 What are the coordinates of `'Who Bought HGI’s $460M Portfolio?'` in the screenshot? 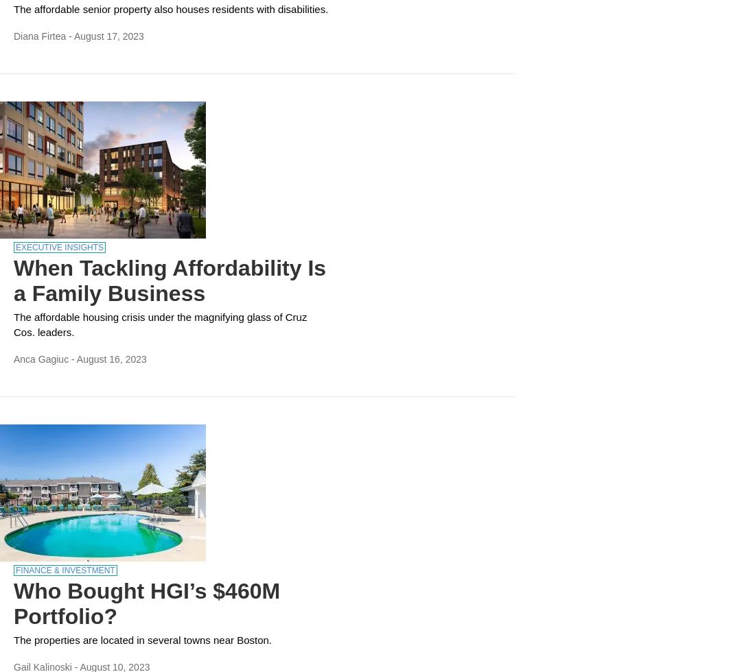 It's located at (146, 603).